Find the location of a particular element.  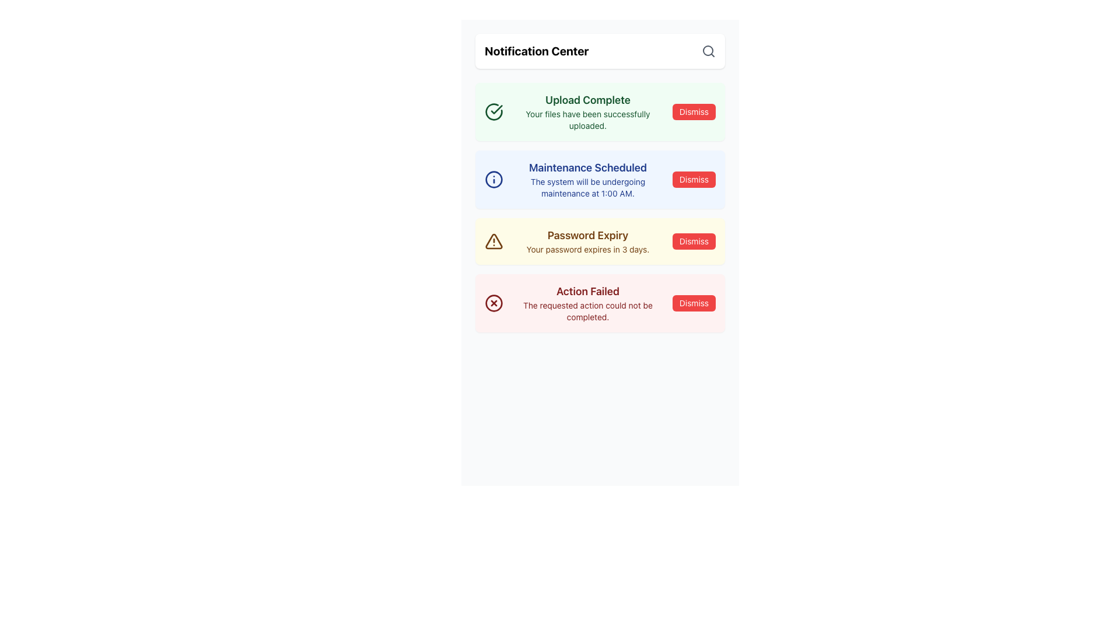

text displayed in the 'Password Expiry' header of the notification card located in the Notification Center is located at coordinates (588, 236).